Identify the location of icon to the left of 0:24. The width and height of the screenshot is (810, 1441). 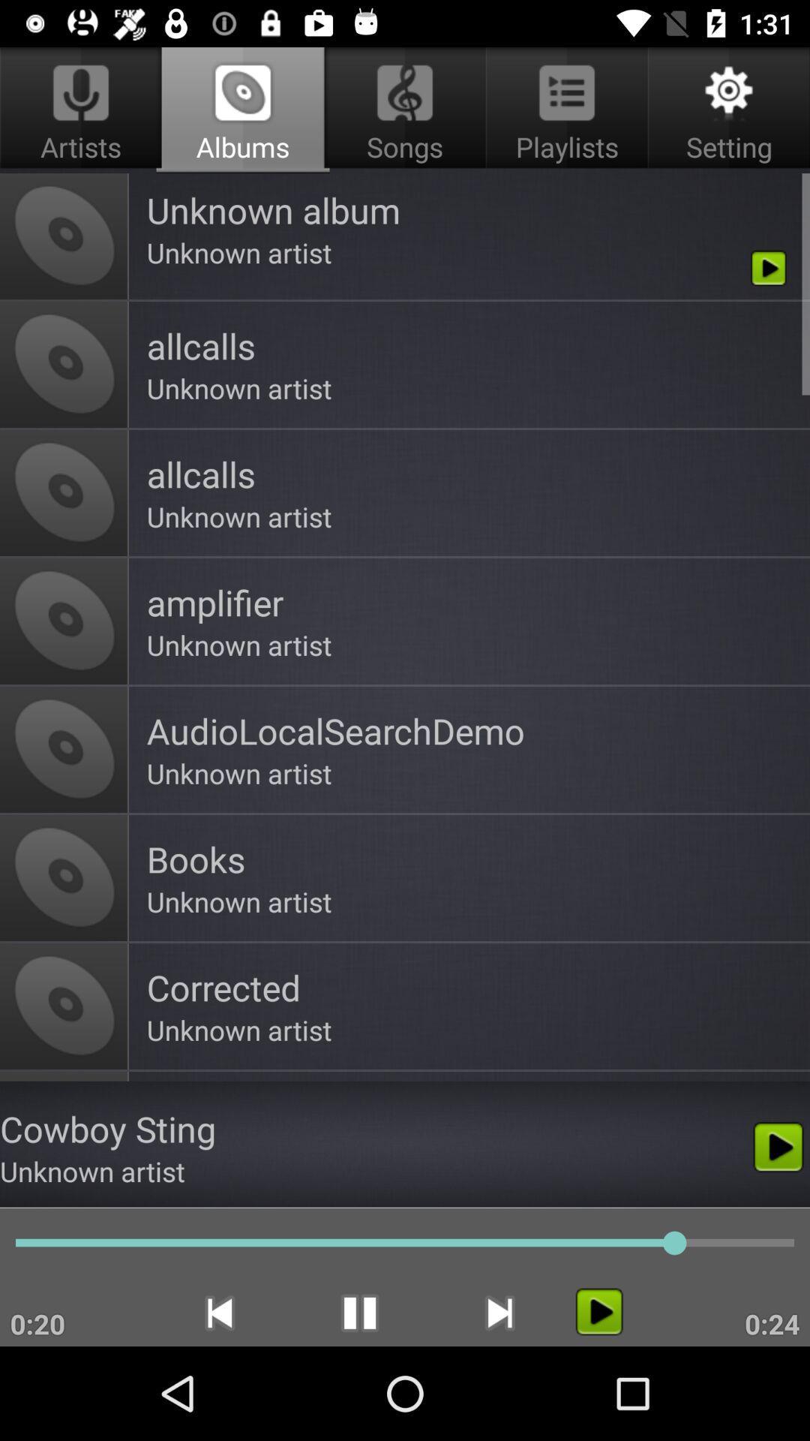
(598, 1310).